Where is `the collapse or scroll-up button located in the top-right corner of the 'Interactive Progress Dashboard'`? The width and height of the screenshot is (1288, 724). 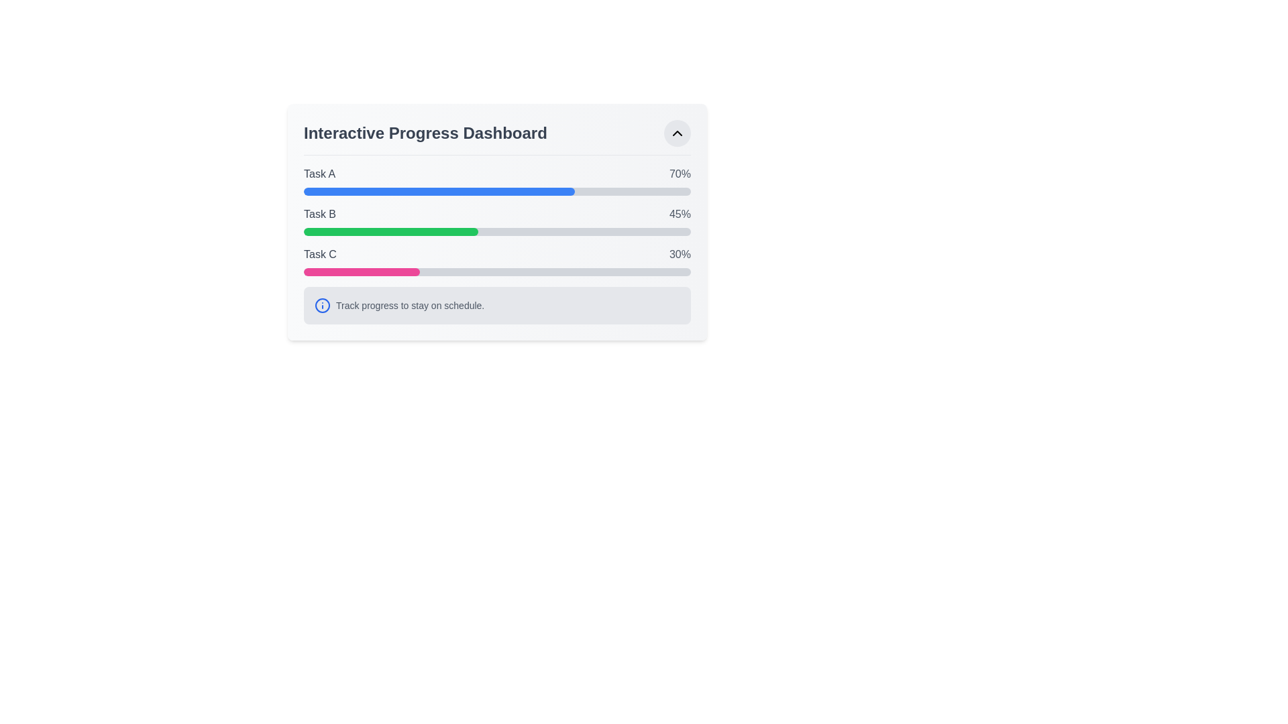
the collapse or scroll-up button located in the top-right corner of the 'Interactive Progress Dashboard' is located at coordinates (677, 133).